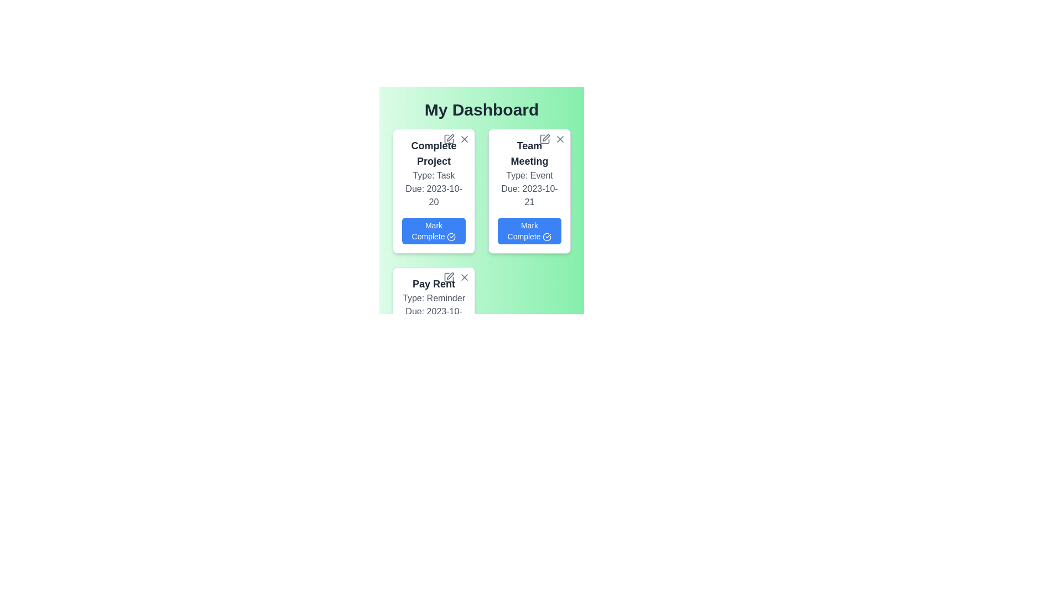  I want to click on the text label displaying 'Type: Reminder' which is styled in gray font and positioned within the 'Pay Rent' card, located directly below the title 'Pay Rent', so click(433, 298).